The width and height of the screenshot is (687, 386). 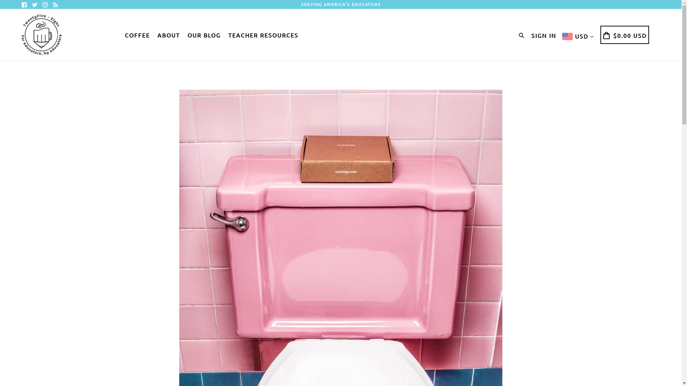 I want to click on 'RSS', so click(x=55, y=5).